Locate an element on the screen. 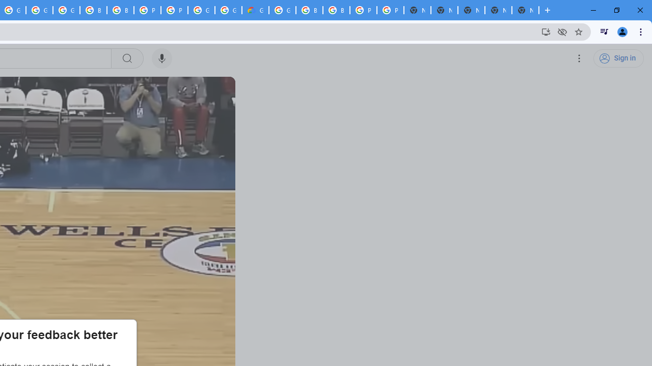 This screenshot has width=652, height=366. 'New Tab' is located at coordinates (525, 10).